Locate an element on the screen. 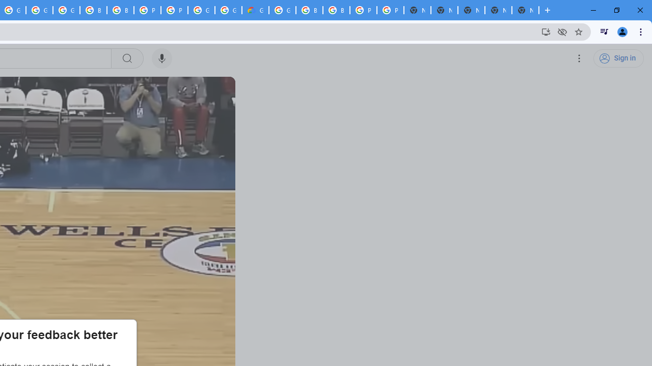 This screenshot has width=652, height=366. 'New Tab' is located at coordinates (525, 10).